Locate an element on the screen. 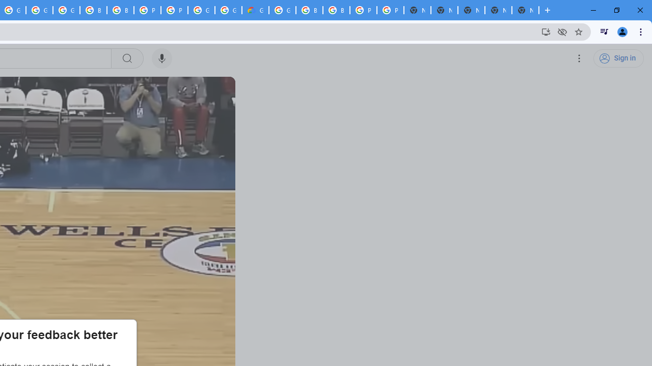 This screenshot has width=652, height=366. 'New Tab' is located at coordinates (525, 10).